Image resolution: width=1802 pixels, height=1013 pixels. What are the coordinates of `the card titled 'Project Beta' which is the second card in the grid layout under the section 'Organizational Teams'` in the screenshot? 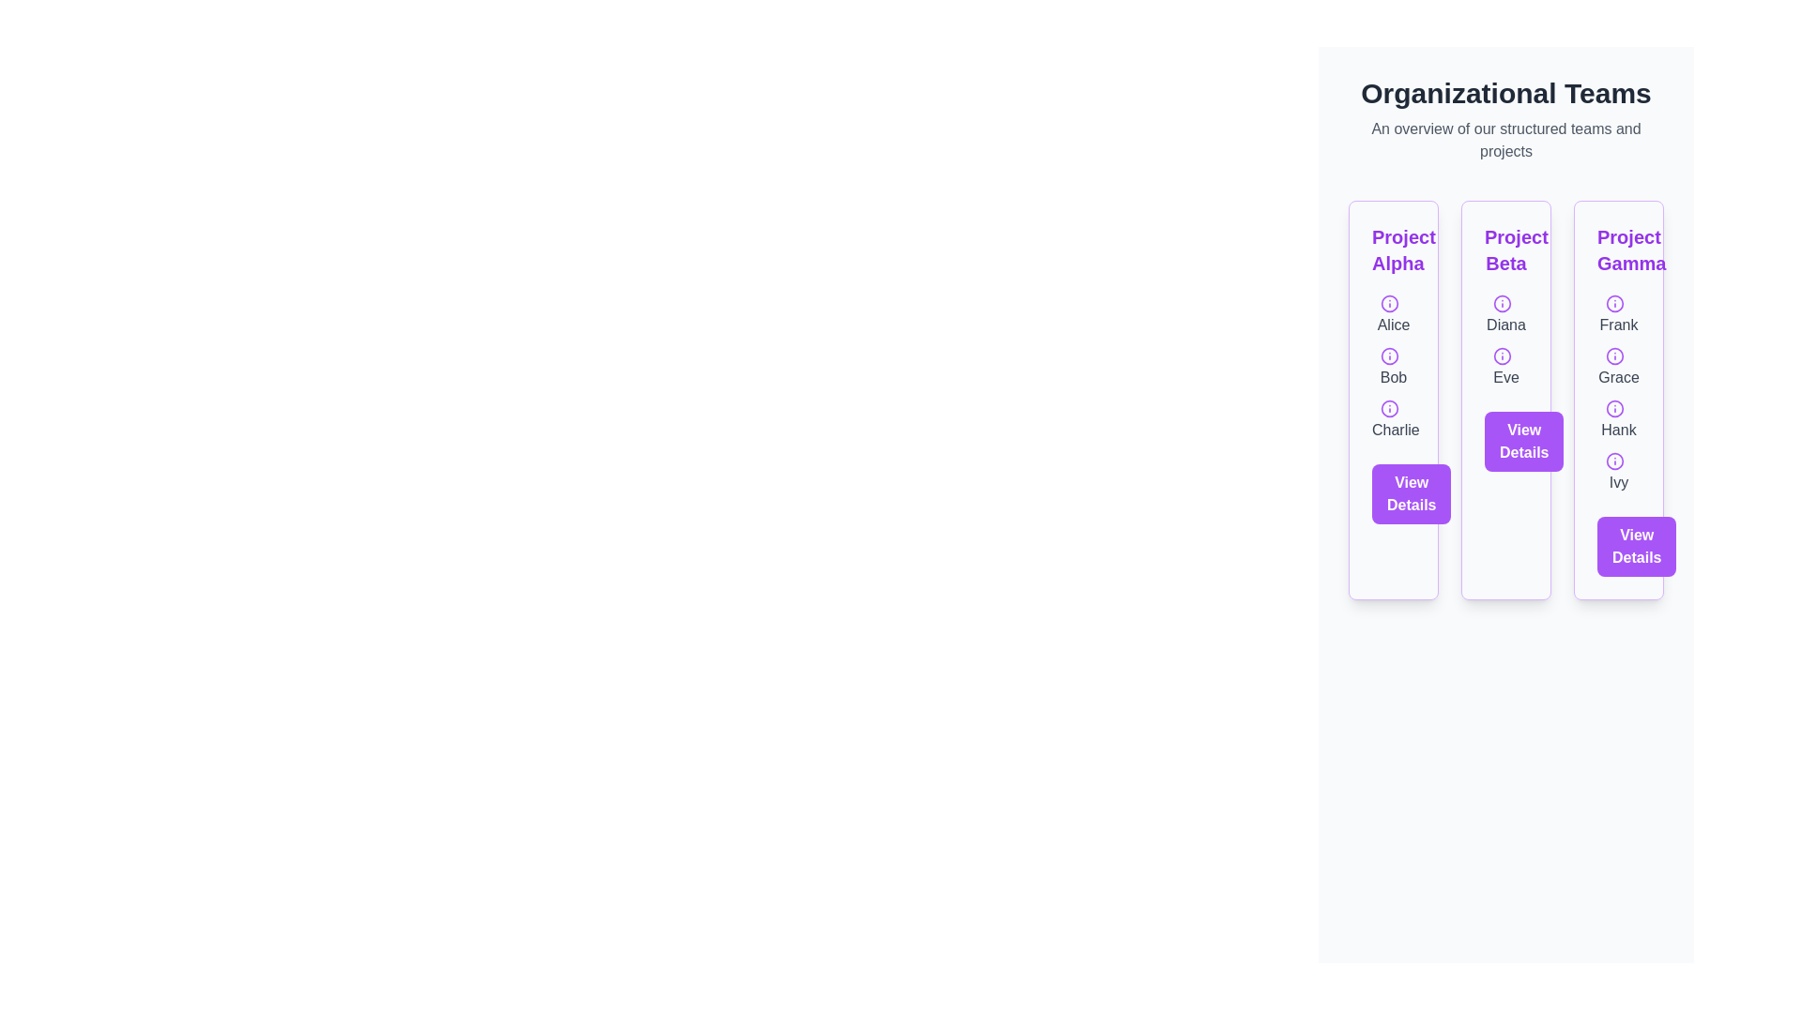 It's located at (1505, 400).